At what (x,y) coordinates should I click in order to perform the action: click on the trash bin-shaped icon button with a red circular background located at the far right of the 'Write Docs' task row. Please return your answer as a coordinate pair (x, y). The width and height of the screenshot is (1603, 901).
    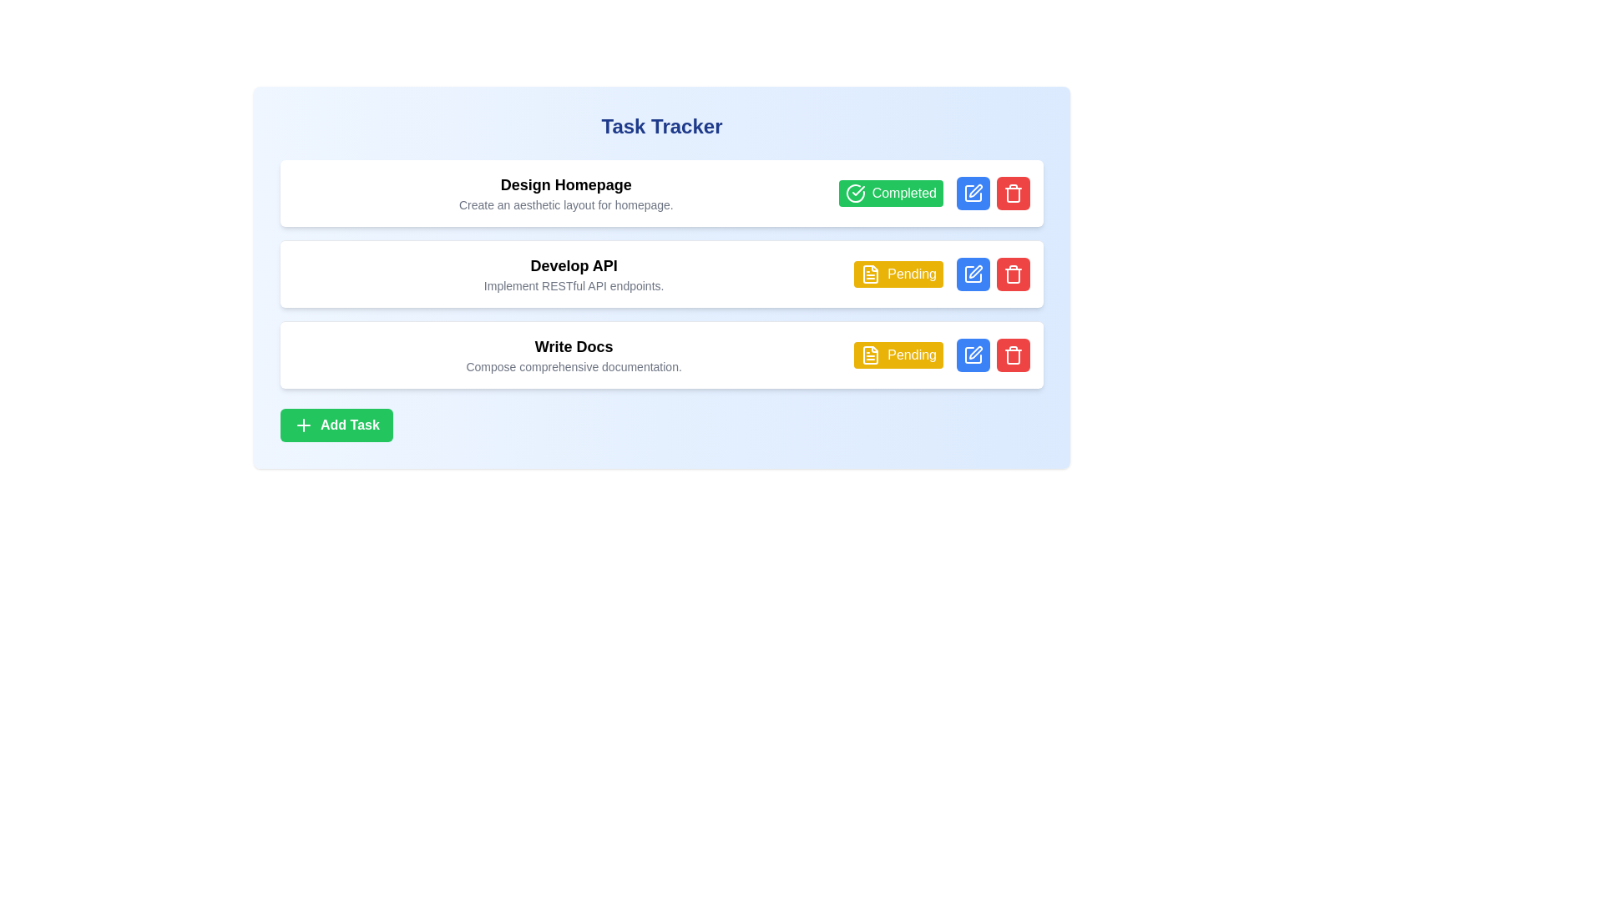
    Looking at the image, I should click on (1013, 354).